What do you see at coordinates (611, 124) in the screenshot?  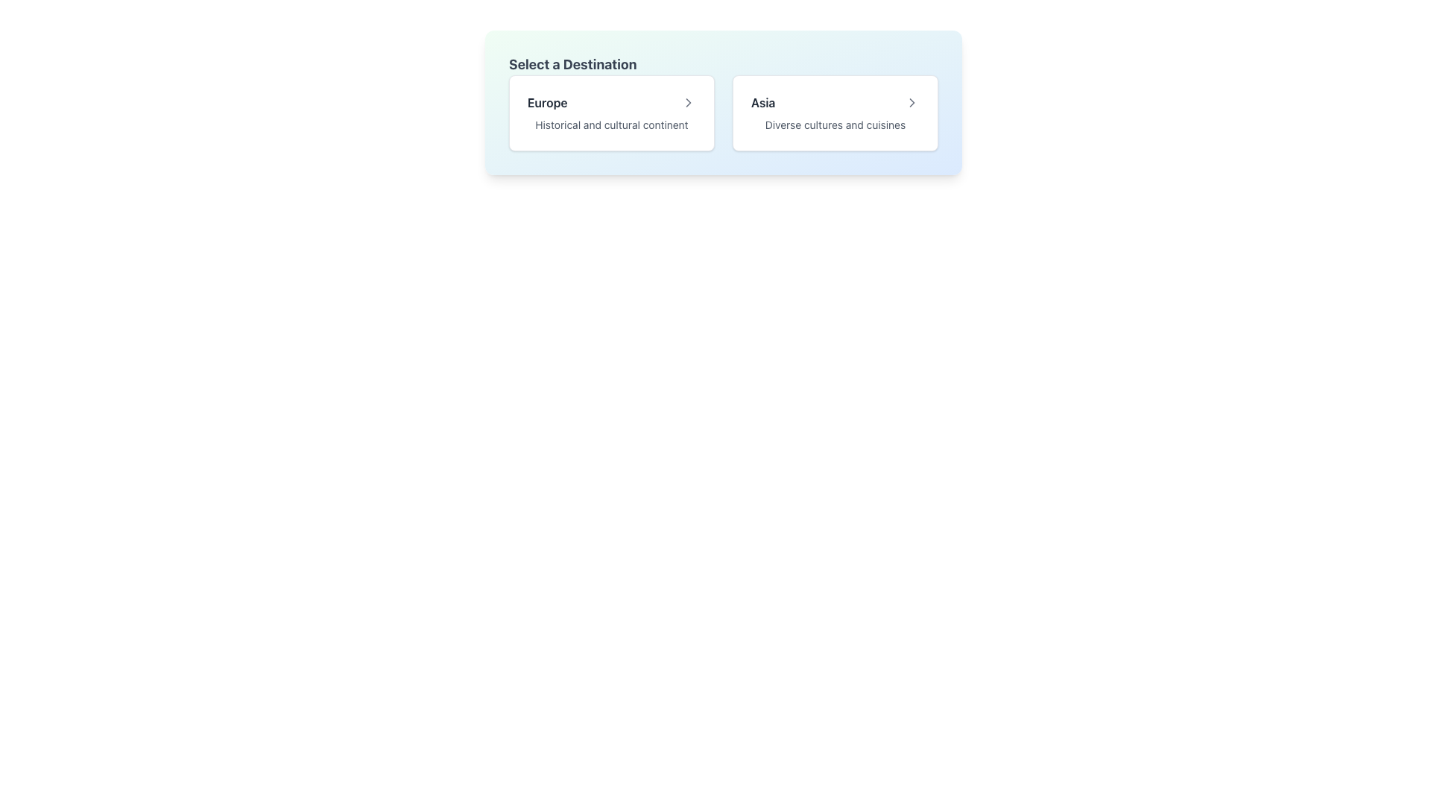 I see `the descriptive subtitle text label located below the main title 'Europe', aligned to the left` at bounding box center [611, 124].